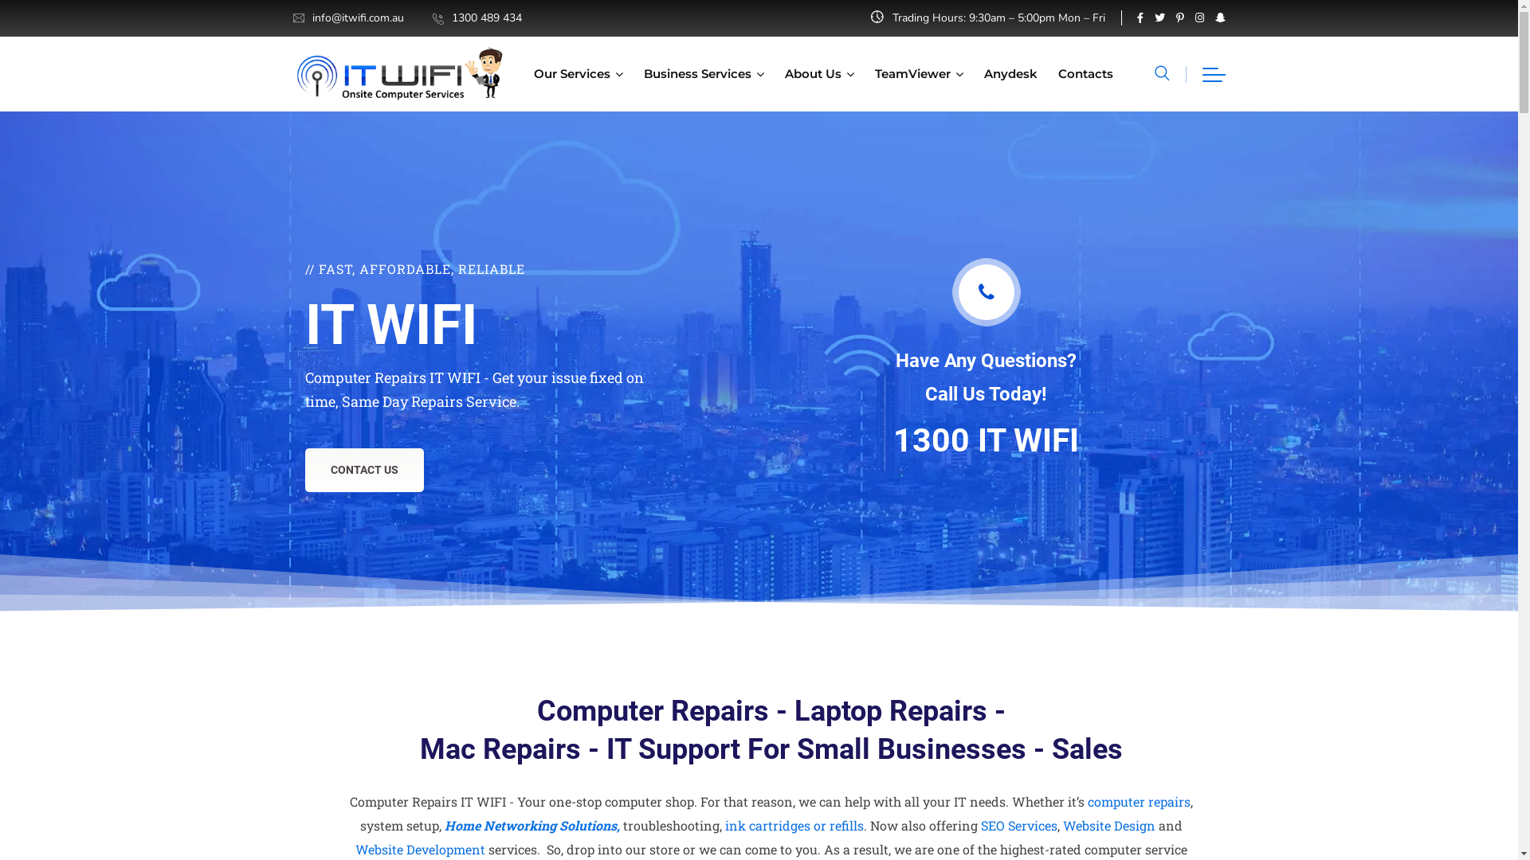  What do you see at coordinates (874, 73) in the screenshot?
I see `'TeamViewer'` at bounding box center [874, 73].